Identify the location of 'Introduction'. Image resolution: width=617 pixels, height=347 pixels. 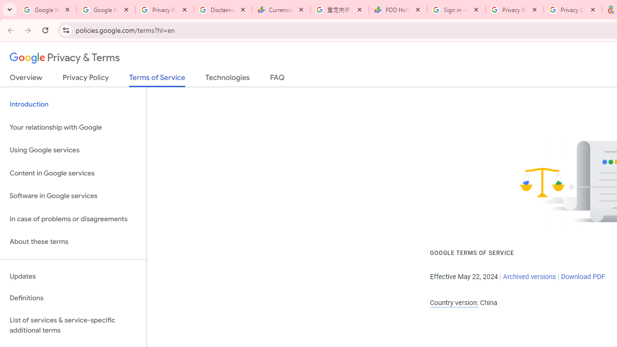
(73, 105).